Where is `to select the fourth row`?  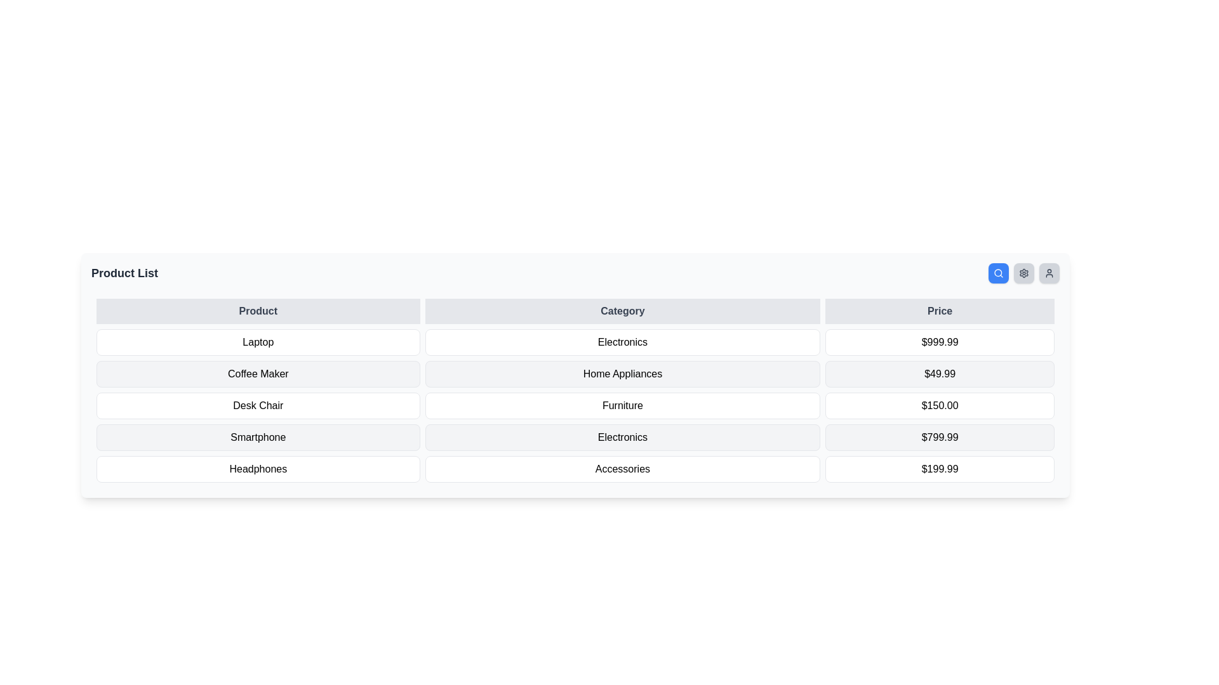 to select the fourth row is located at coordinates (575, 437).